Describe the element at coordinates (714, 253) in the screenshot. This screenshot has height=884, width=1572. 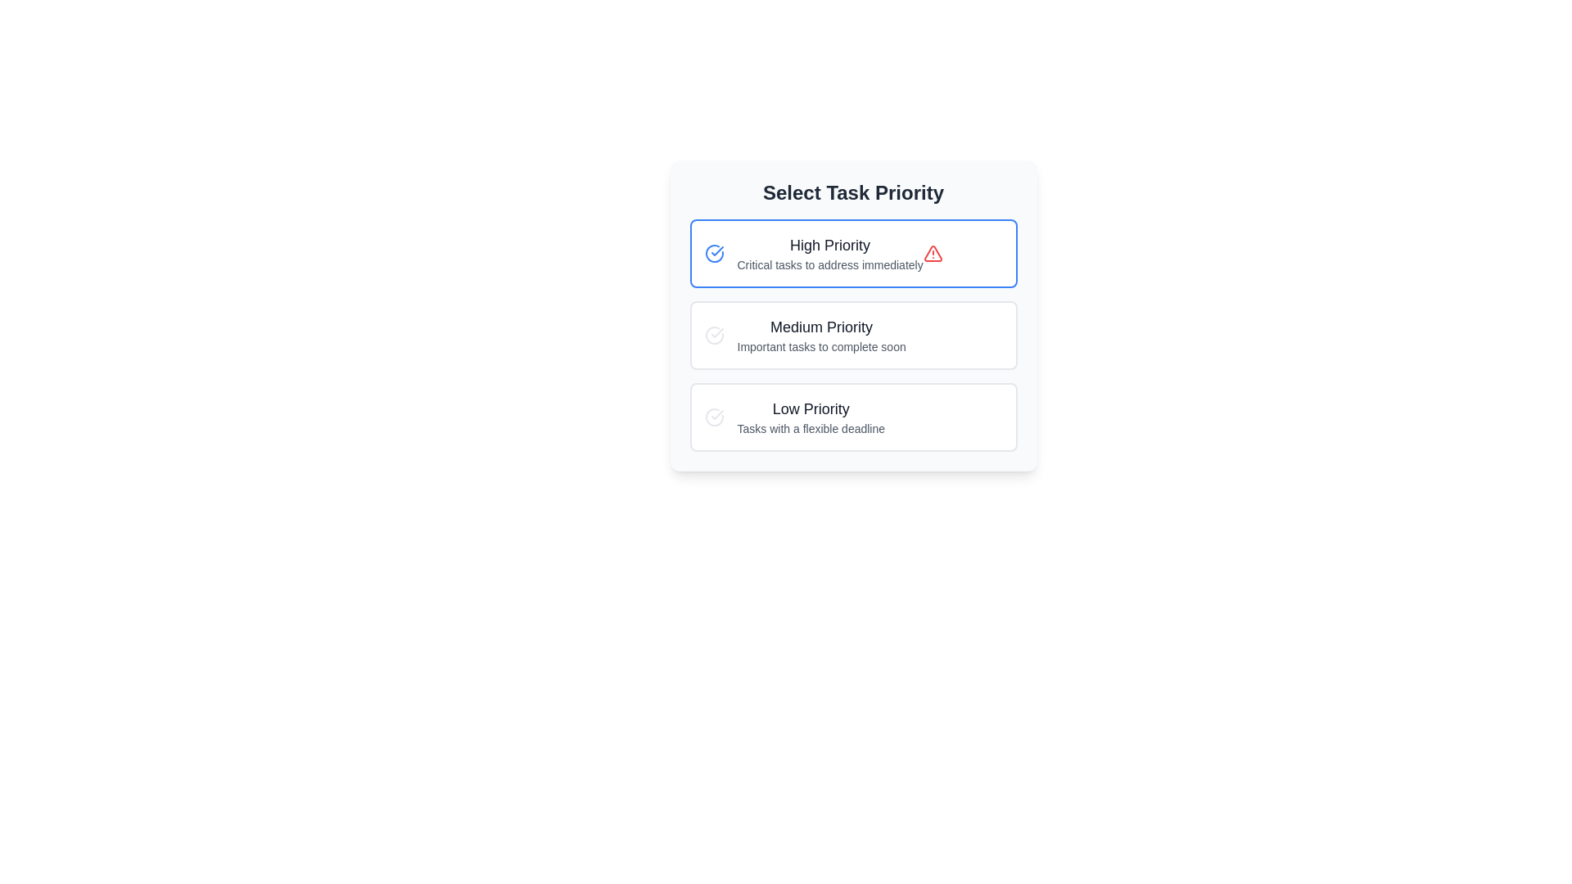
I see `the 'High Priority' task option icon, which is located at the top of the task priority list adjacent to the text 'High Priority'` at that location.